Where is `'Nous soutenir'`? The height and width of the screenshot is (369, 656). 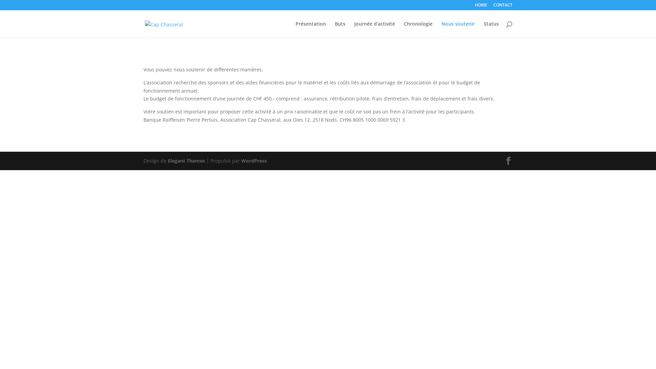 'Nous soutenir' is located at coordinates (458, 29).